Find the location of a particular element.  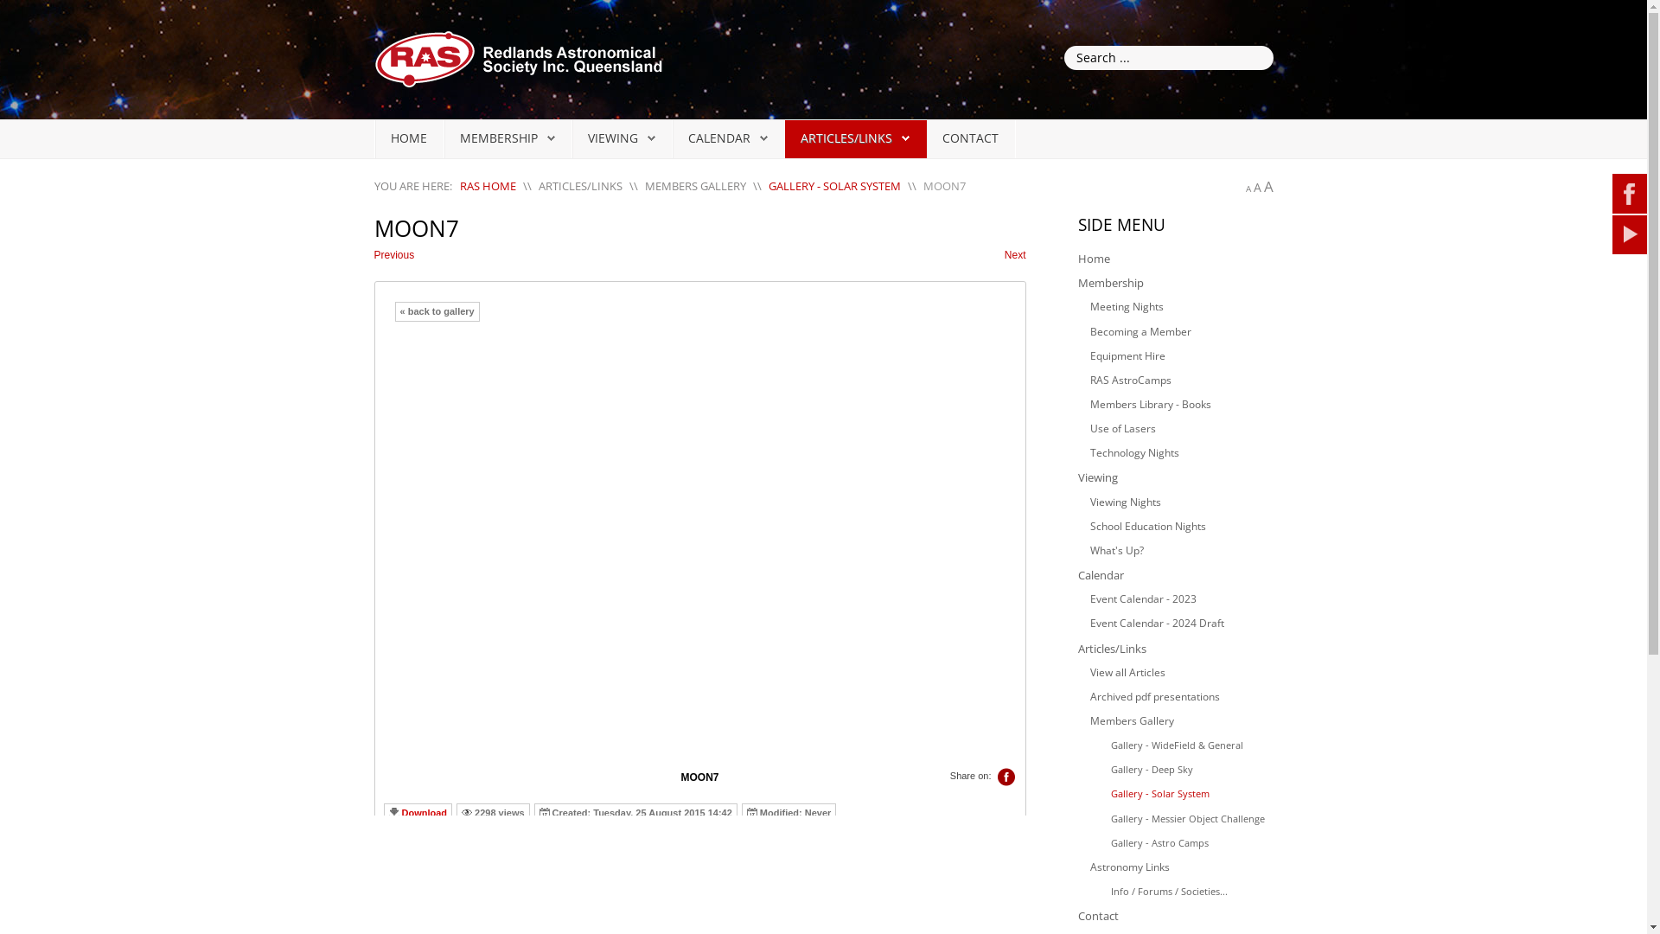

'Equipment Hire' is located at coordinates (1180, 355).